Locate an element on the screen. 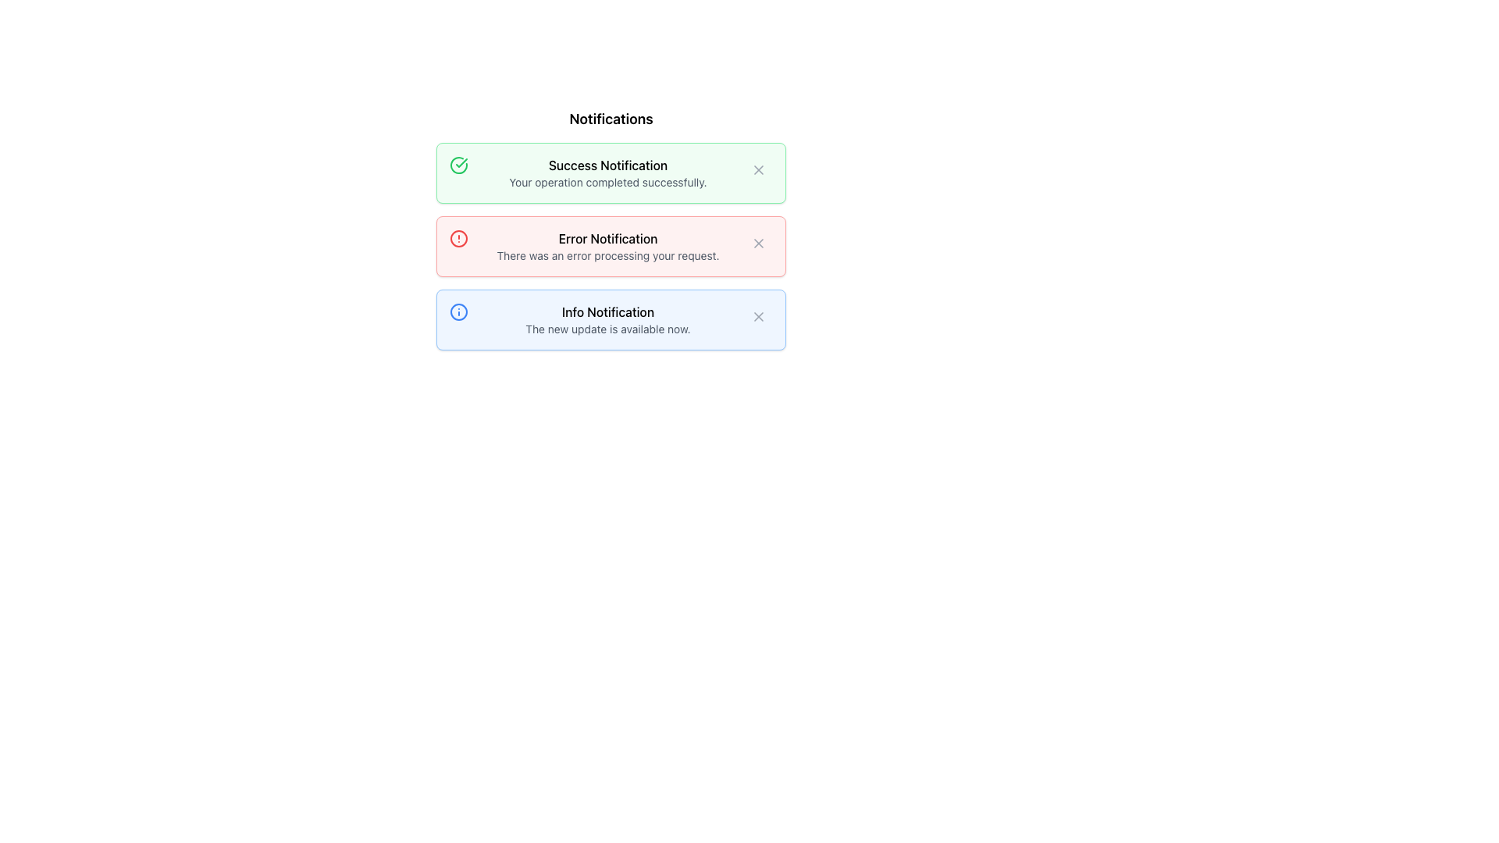  text content of the 'Info Notification' block, which includes the title and the descriptive text below it is located at coordinates (607, 318).